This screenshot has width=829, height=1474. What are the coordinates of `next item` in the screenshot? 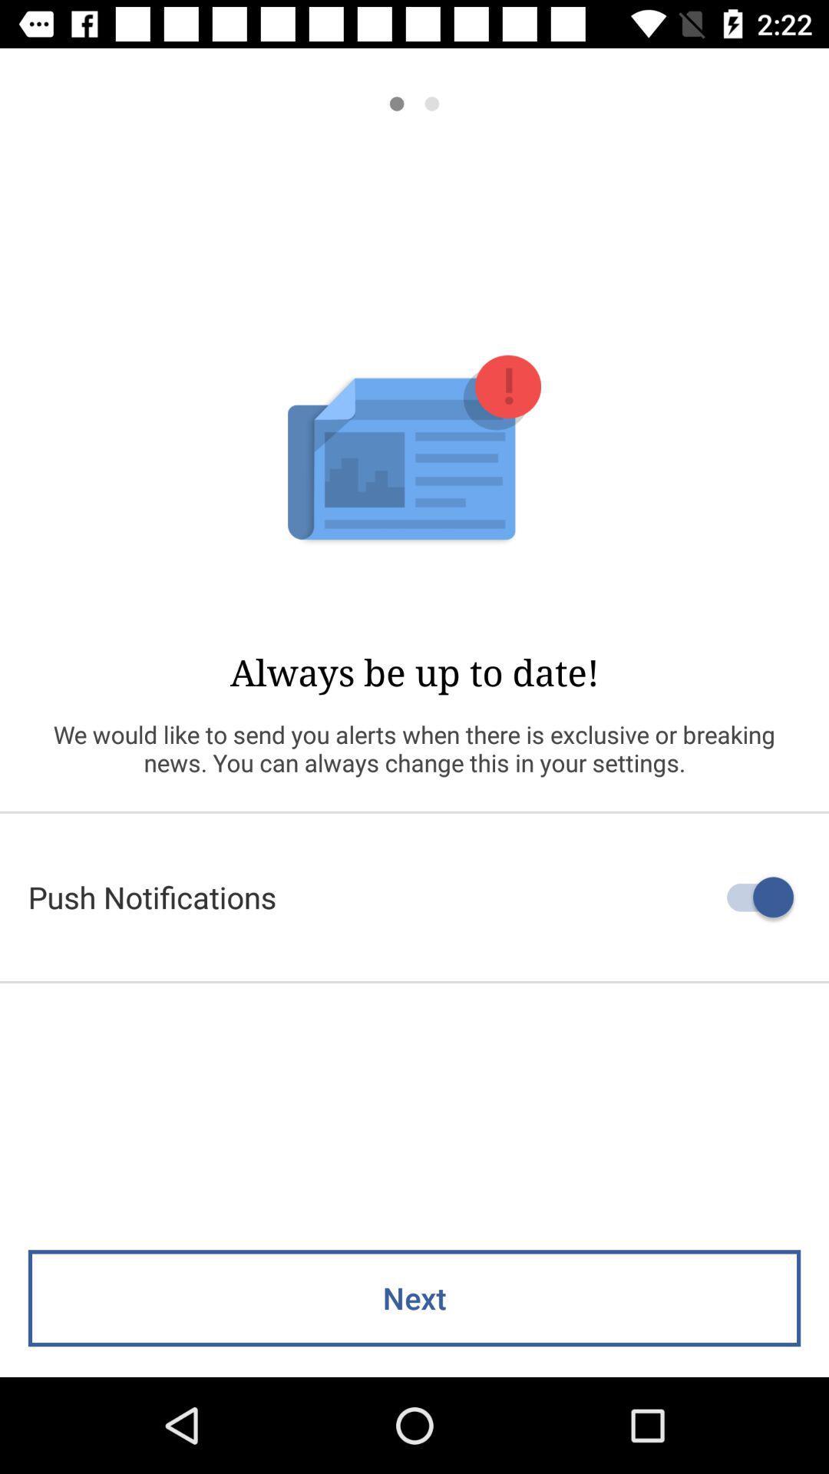 It's located at (414, 1297).